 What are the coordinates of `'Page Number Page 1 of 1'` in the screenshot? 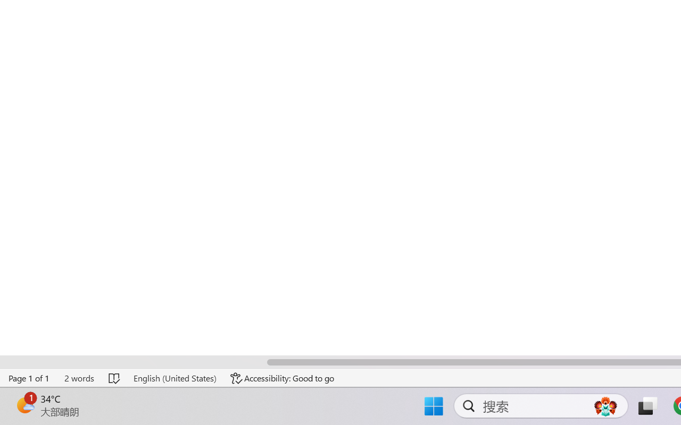 It's located at (29, 378).